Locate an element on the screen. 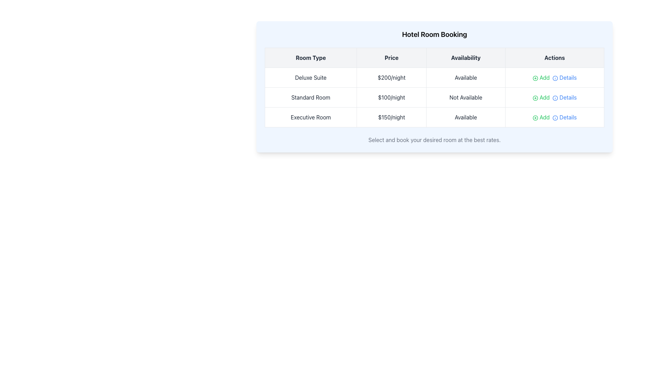 This screenshot has width=668, height=376. the circular part of the help icon located in the last row under the 'Actions' column of the hotel room booking table, specifically within the 'Details' field is located at coordinates (555, 117).